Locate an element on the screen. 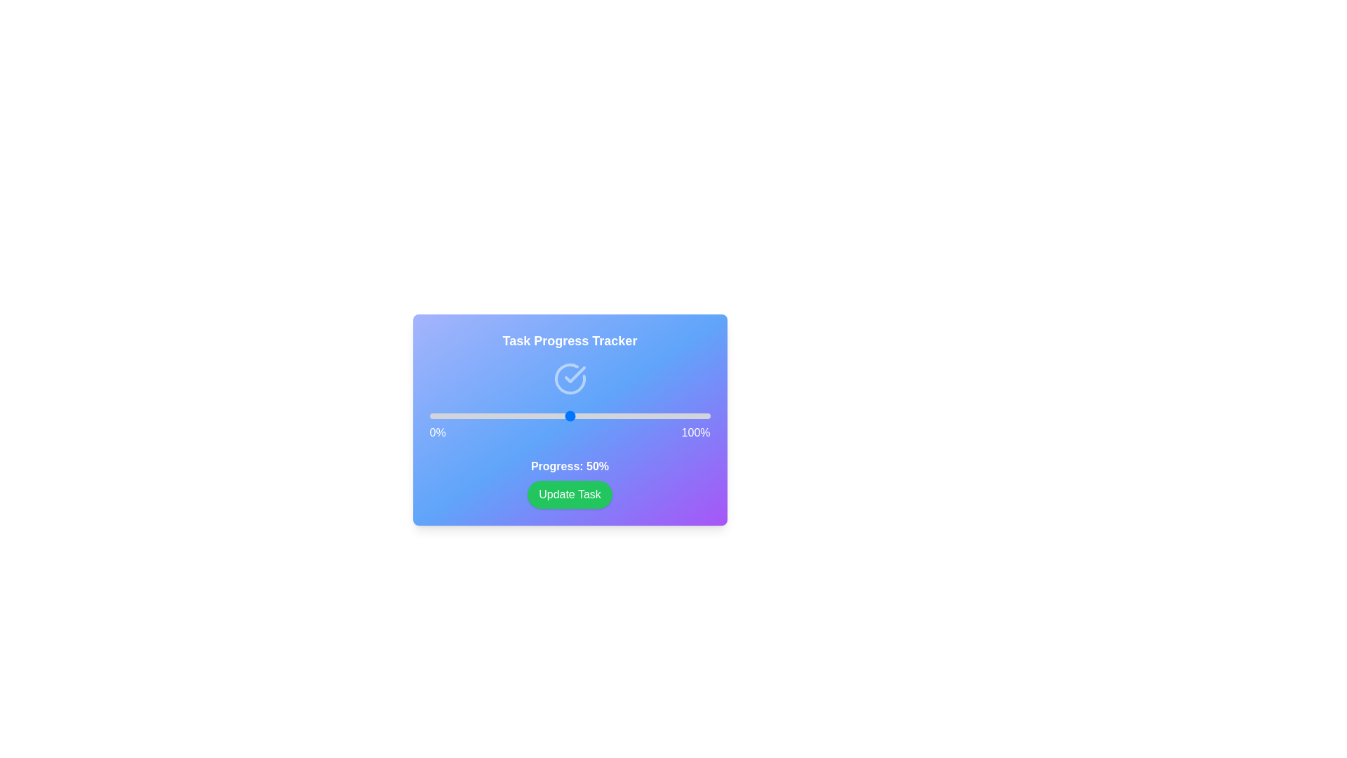 The height and width of the screenshot is (758, 1347). the progress slider to 79% is located at coordinates (650, 415).